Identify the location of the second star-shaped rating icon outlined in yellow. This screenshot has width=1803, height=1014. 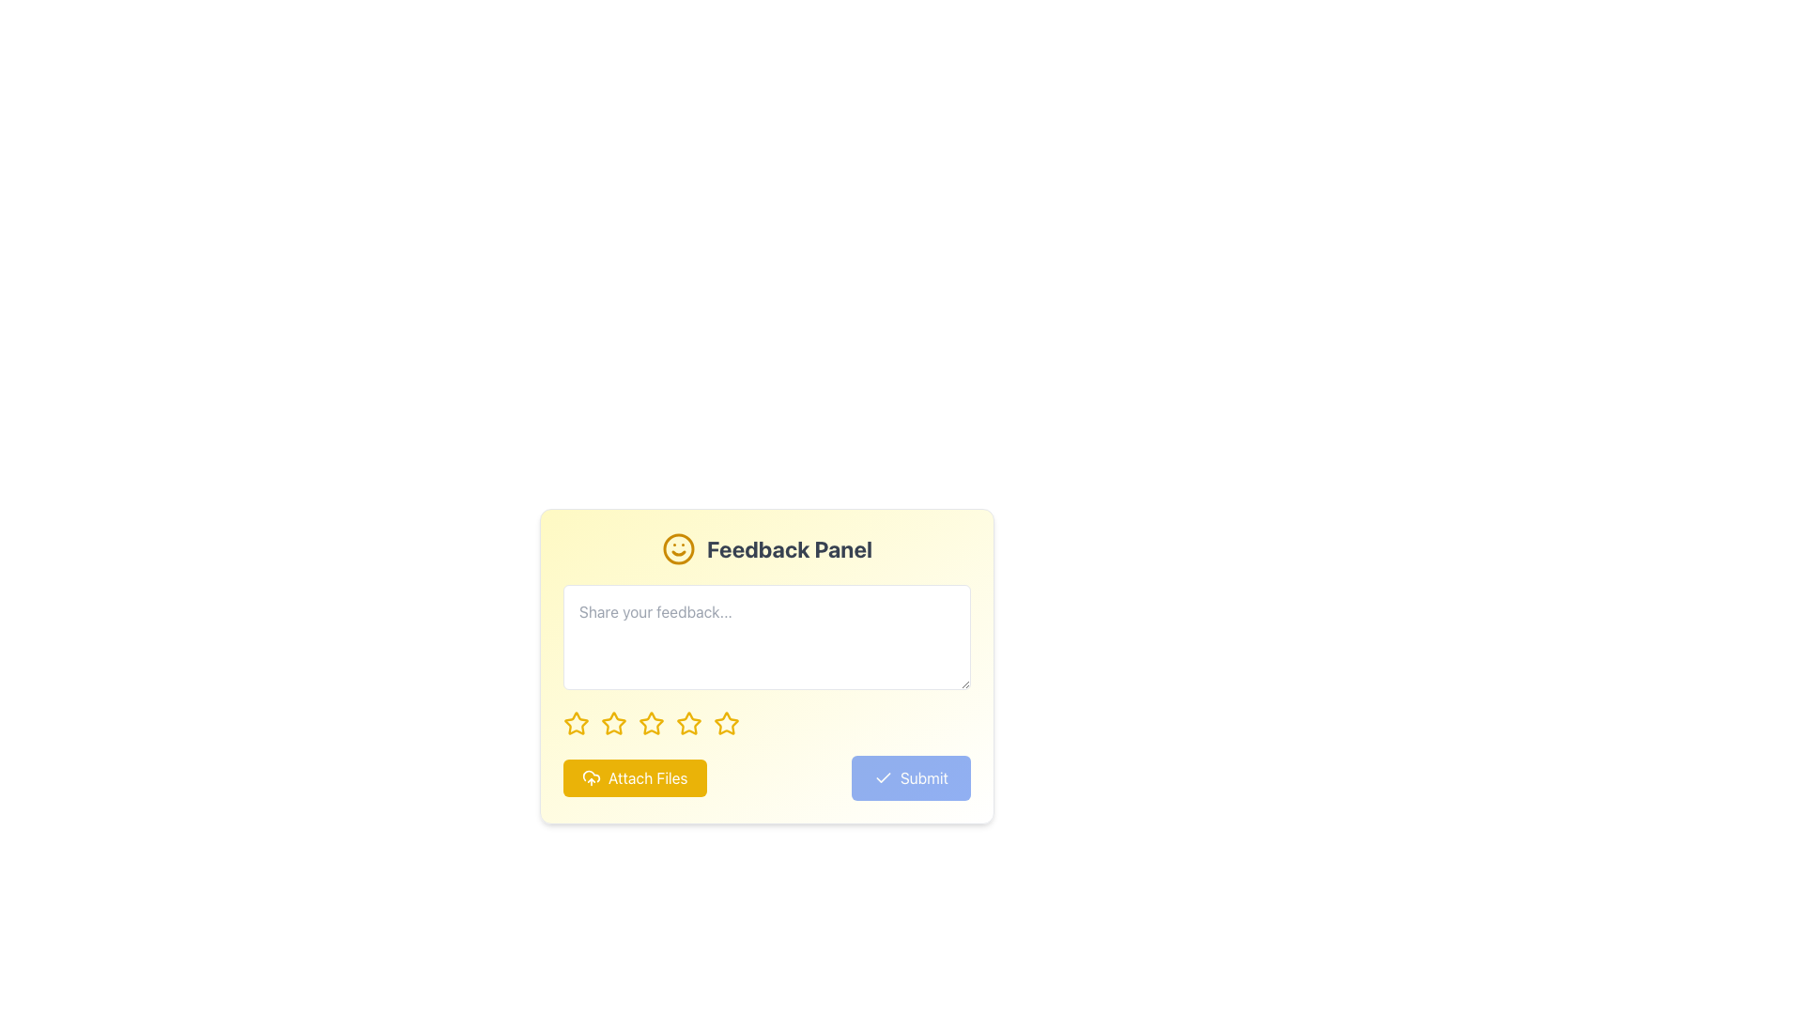
(652, 722).